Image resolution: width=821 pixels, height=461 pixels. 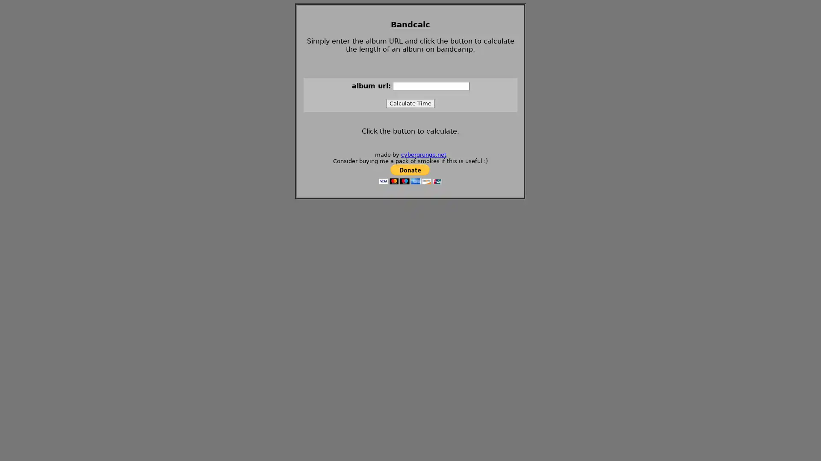 What do you see at coordinates (410, 103) in the screenshot?
I see `Calculate Time` at bounding box center [410, 103].